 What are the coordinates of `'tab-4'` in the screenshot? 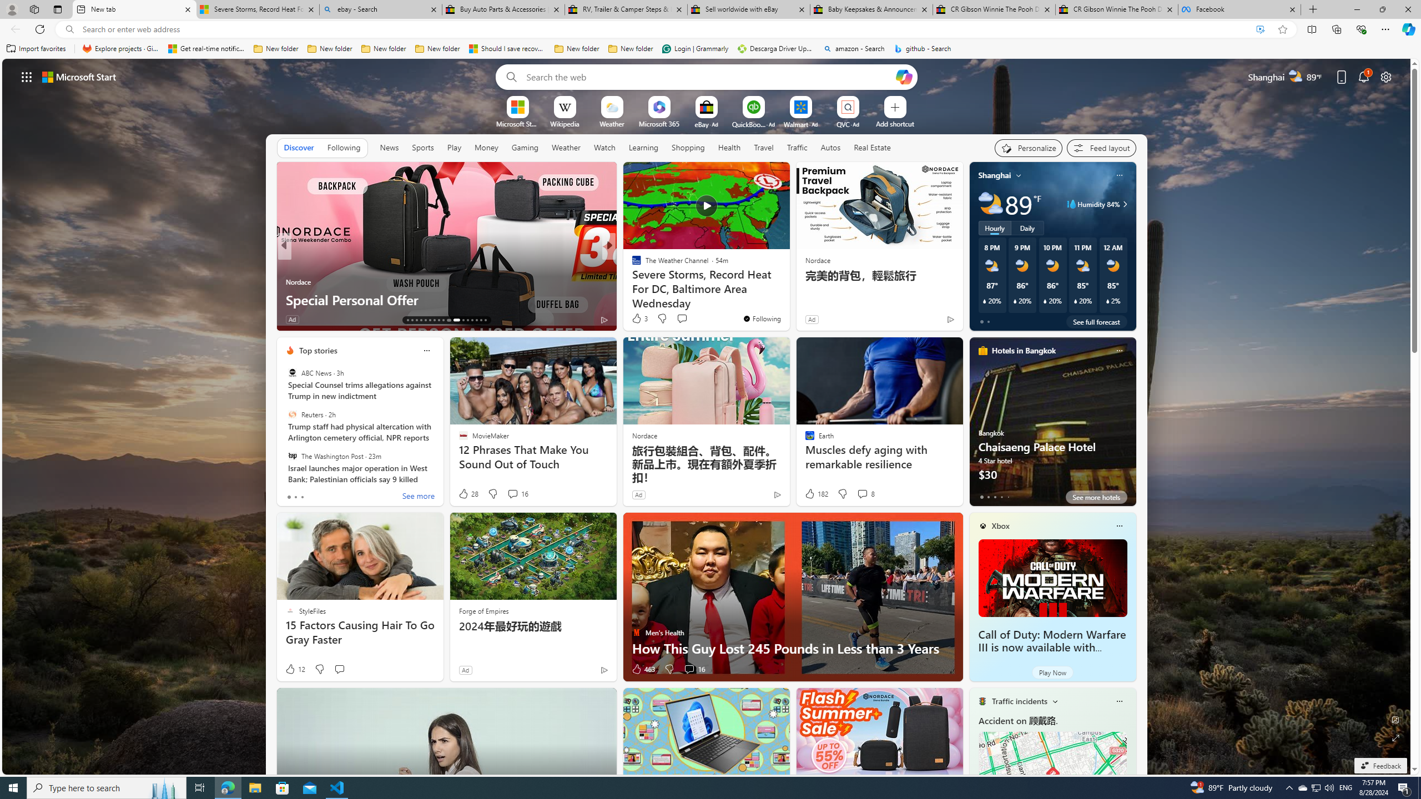 It's located at (1007, 497).